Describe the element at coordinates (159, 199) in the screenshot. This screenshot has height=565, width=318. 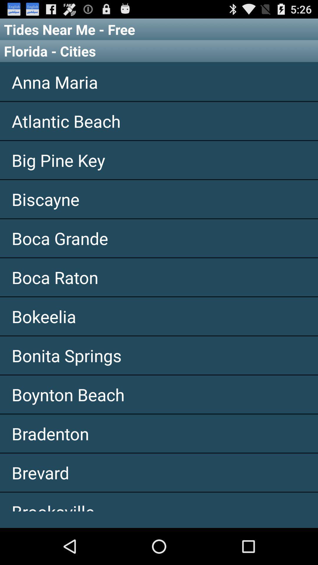
I see `the app below the big pine key` at that location.